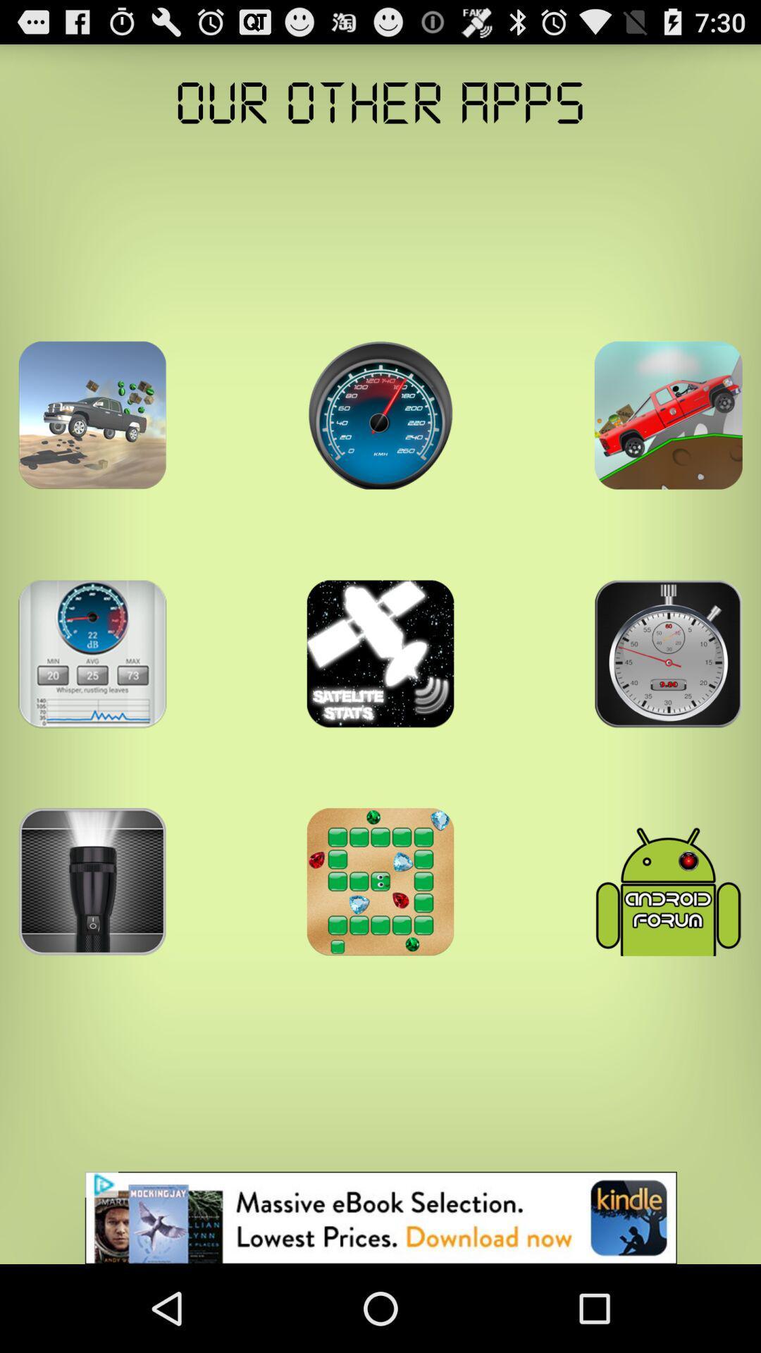 The height and width of the screenshot is (1353, 761). I want to click on get more information, so click(667, 414).